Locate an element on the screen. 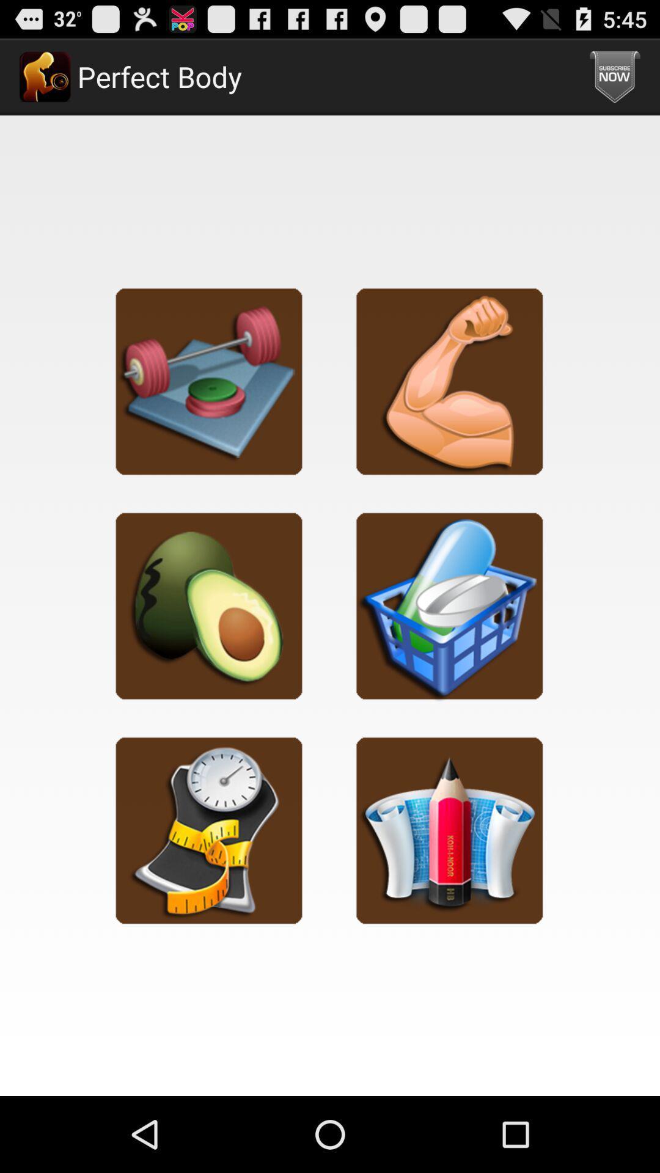  weight lifting is located at coordinates (208, 381).